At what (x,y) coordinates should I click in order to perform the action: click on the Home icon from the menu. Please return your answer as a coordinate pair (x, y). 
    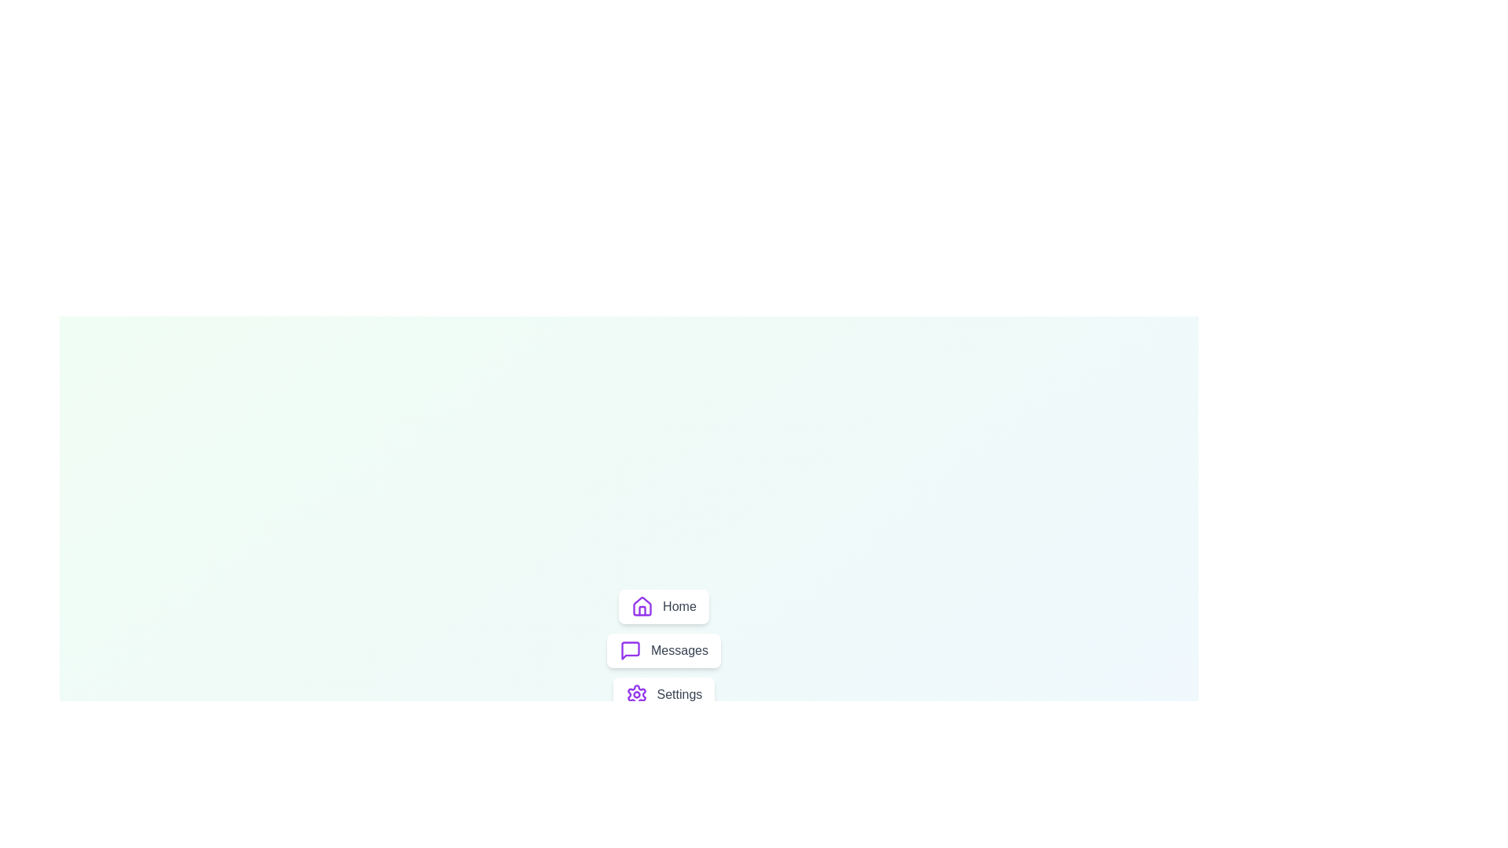
    Looking at the image, I should click on (642, 605).